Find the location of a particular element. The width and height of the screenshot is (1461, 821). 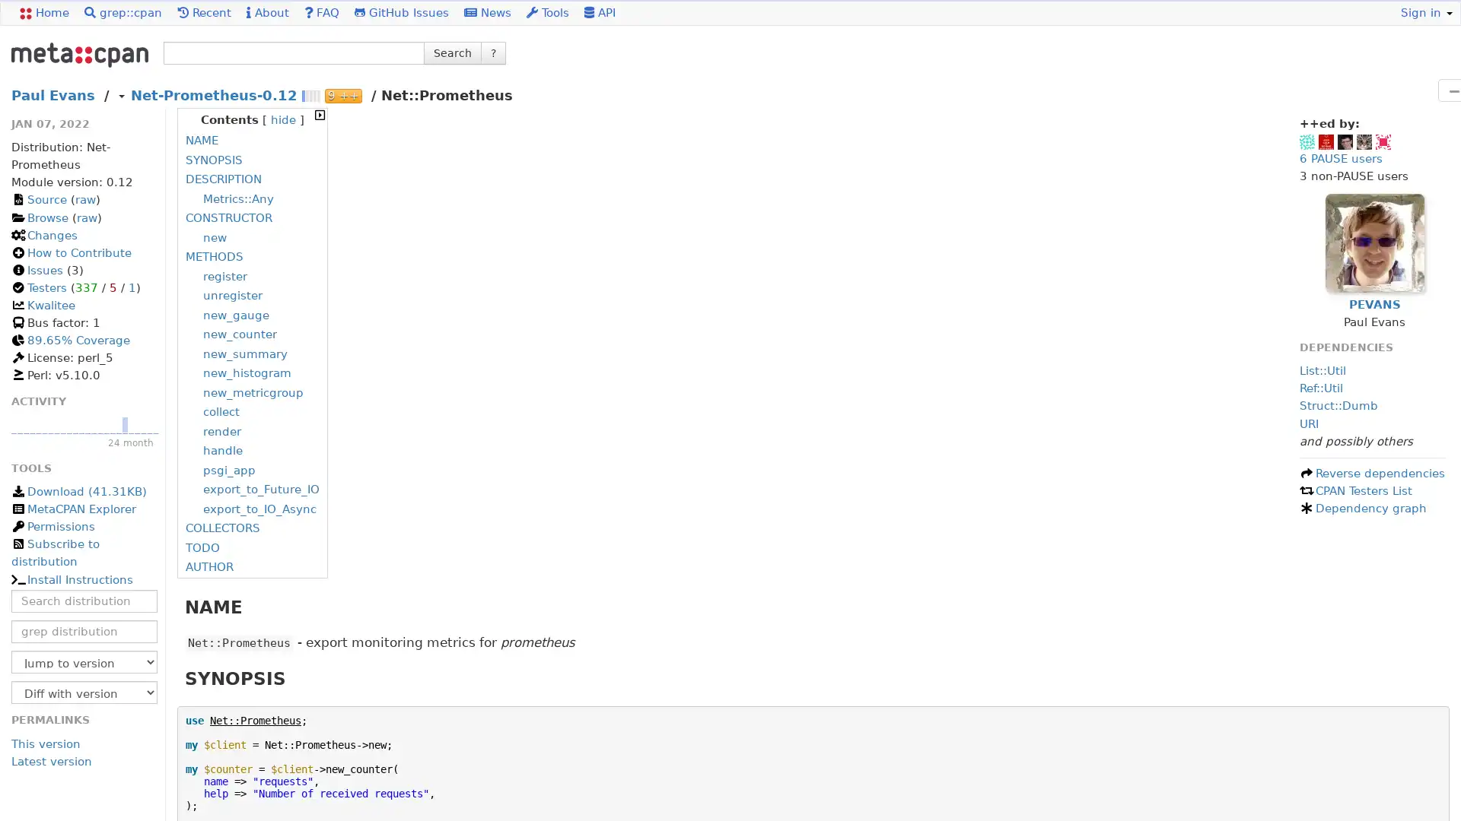

hide is located at coordinates (282, 119).